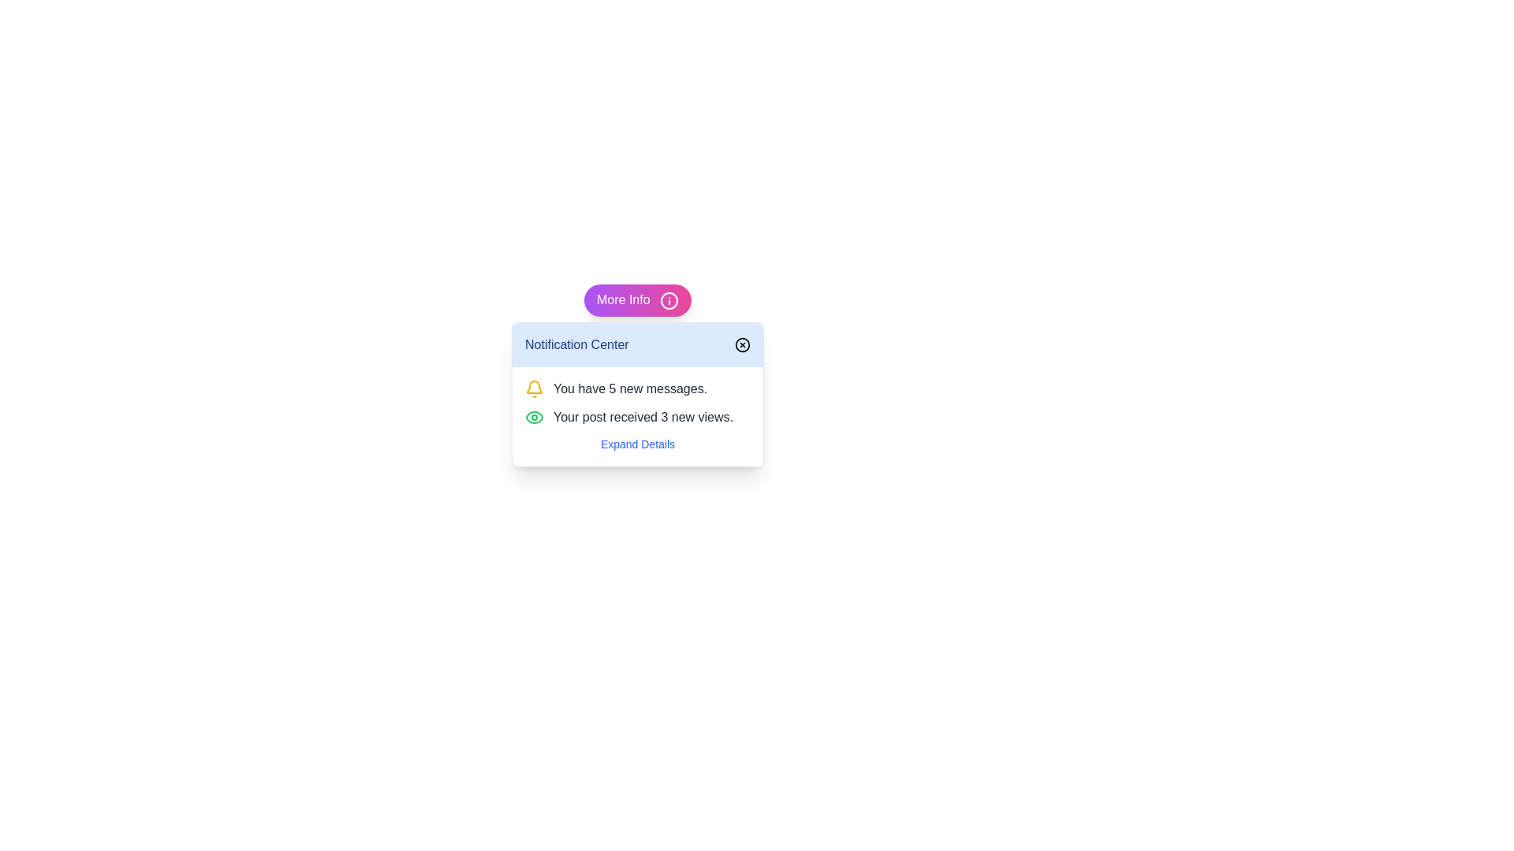 Image resolution: width=1514 pixels, height=851 pixels. What do you see at coordinates (741, 344) in the screenshot?
I see `the blue and white circular icon with a crossed-out design located at the top-right corner of the Notification Center header` at bounding box center [741, 344].